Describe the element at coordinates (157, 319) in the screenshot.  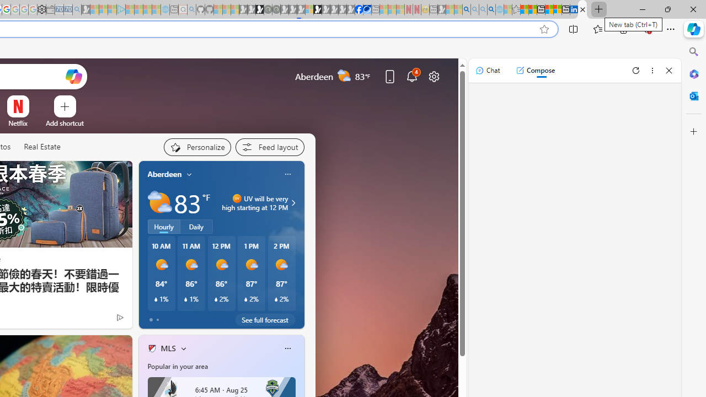
I see `'tab-1'` at that location.